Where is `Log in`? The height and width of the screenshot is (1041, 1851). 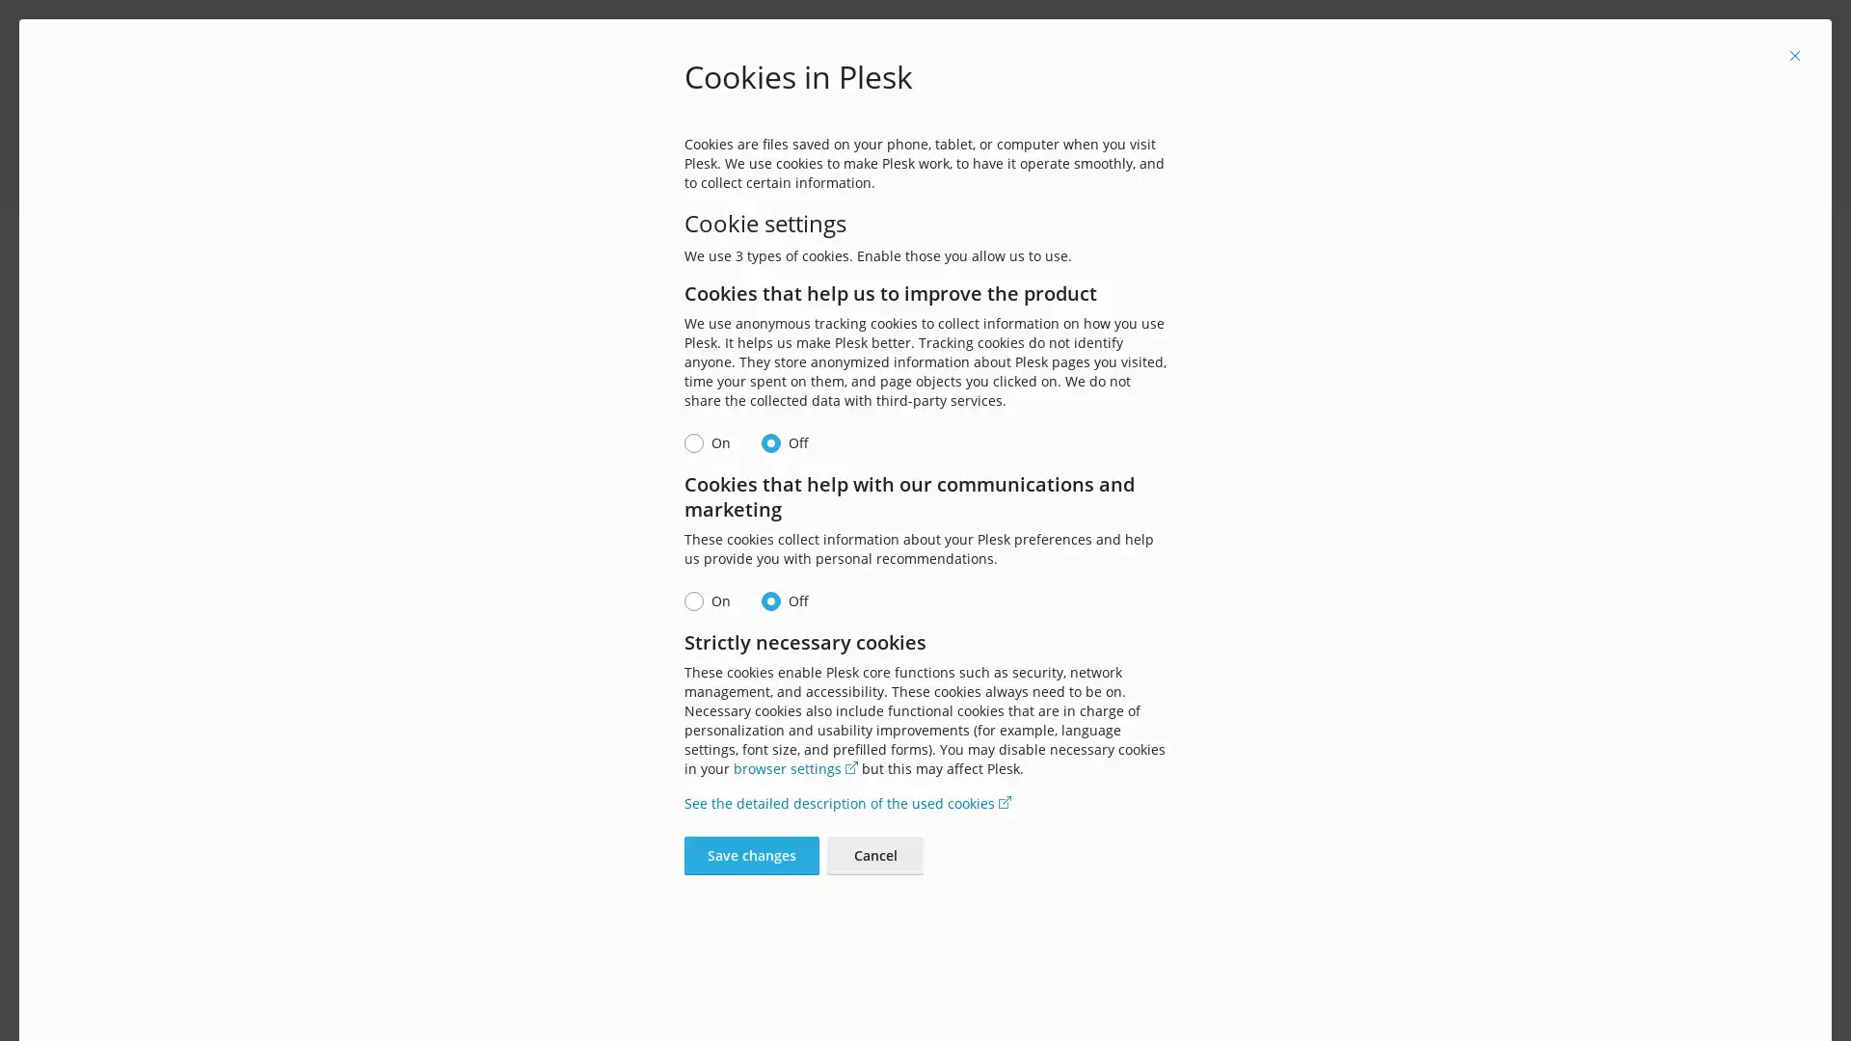 Log in is located at coordinates (925, 714).